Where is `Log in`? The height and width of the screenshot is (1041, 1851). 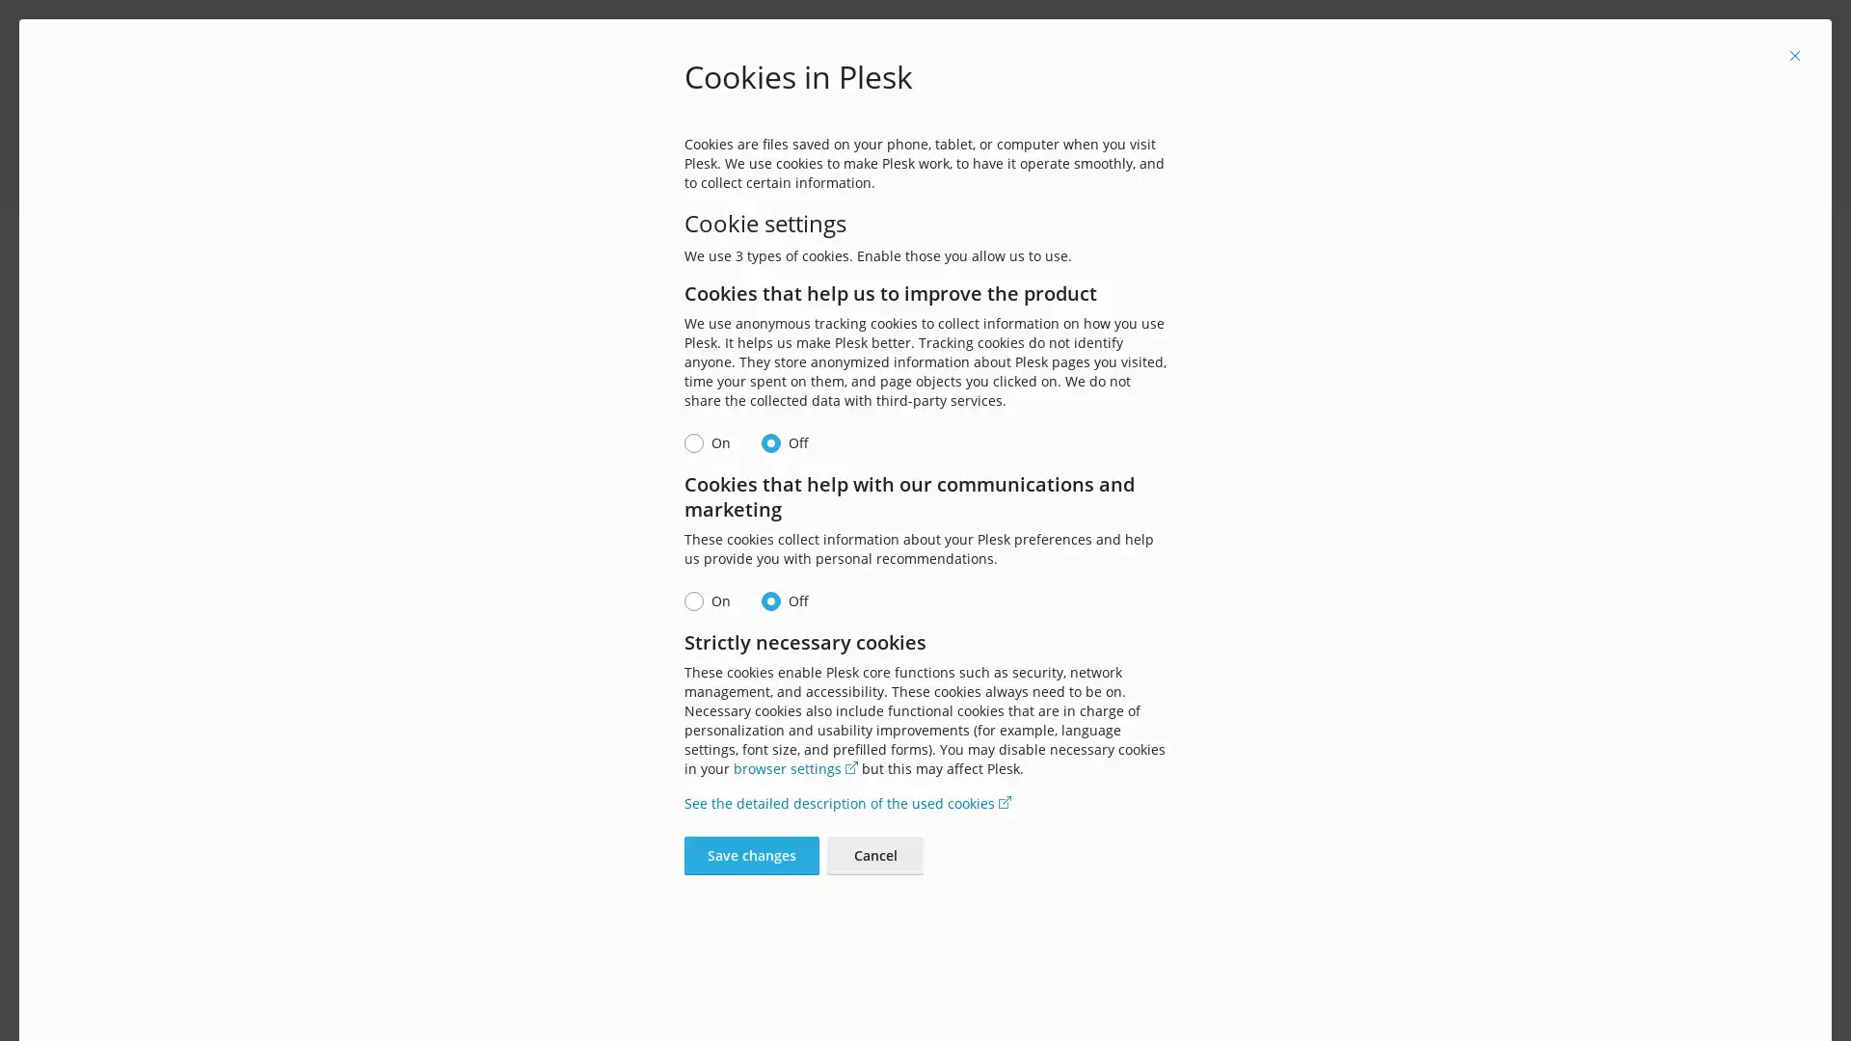 Log in is located at coordinates (925, 714).